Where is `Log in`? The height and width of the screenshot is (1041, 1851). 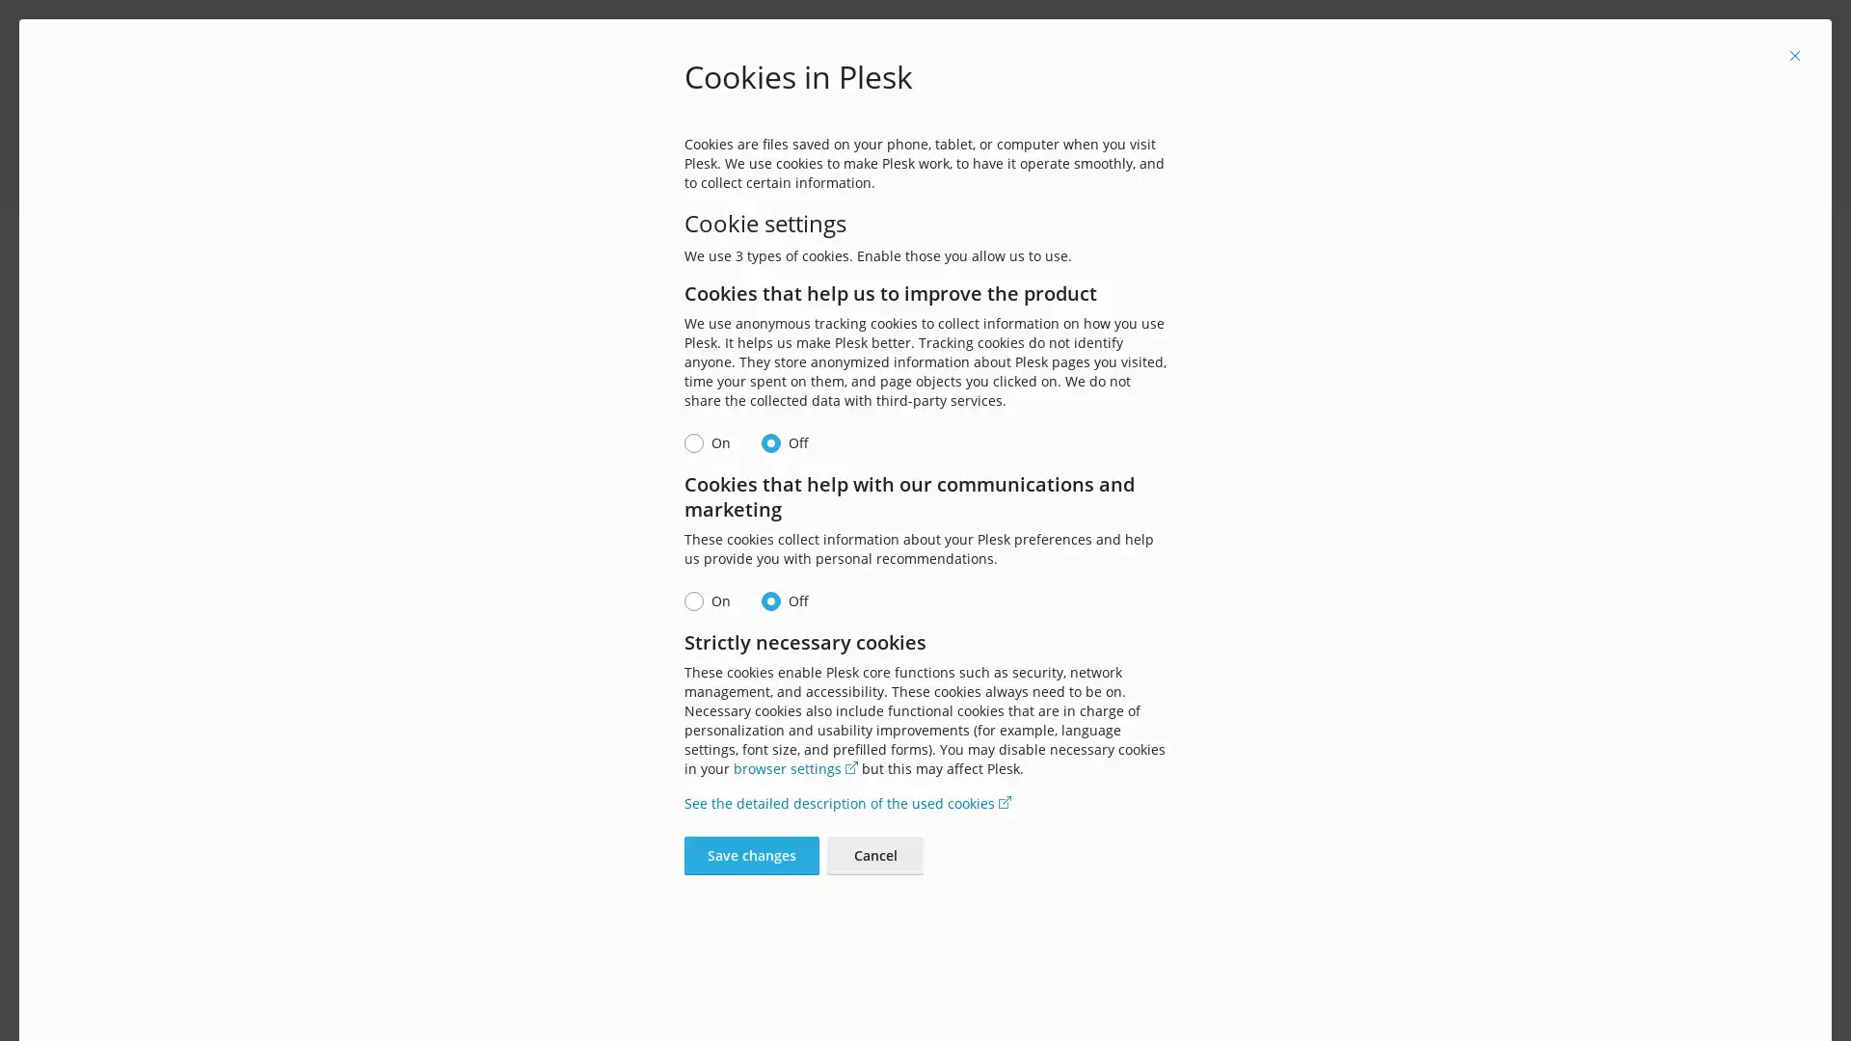 Log in is located at coordinates (925, 714).